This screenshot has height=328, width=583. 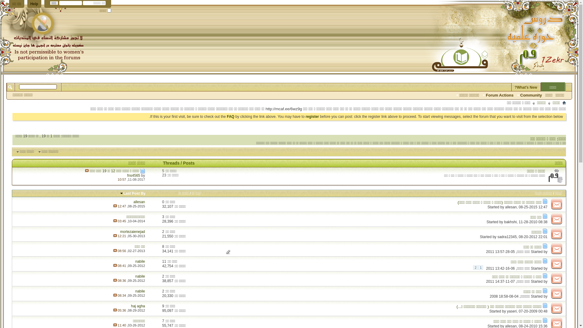 I want to click on '3', so click(x=163, y=216).